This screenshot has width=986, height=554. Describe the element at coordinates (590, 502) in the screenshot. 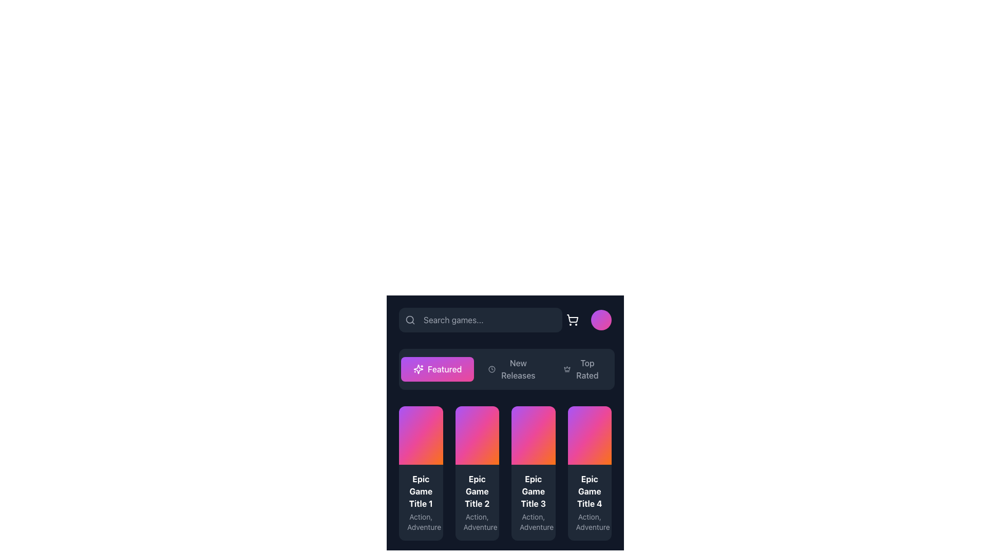

I see `text displayed in the text block titled 'Epic Game Title 4' which is located at the bottom of the fourth game card` at that location.